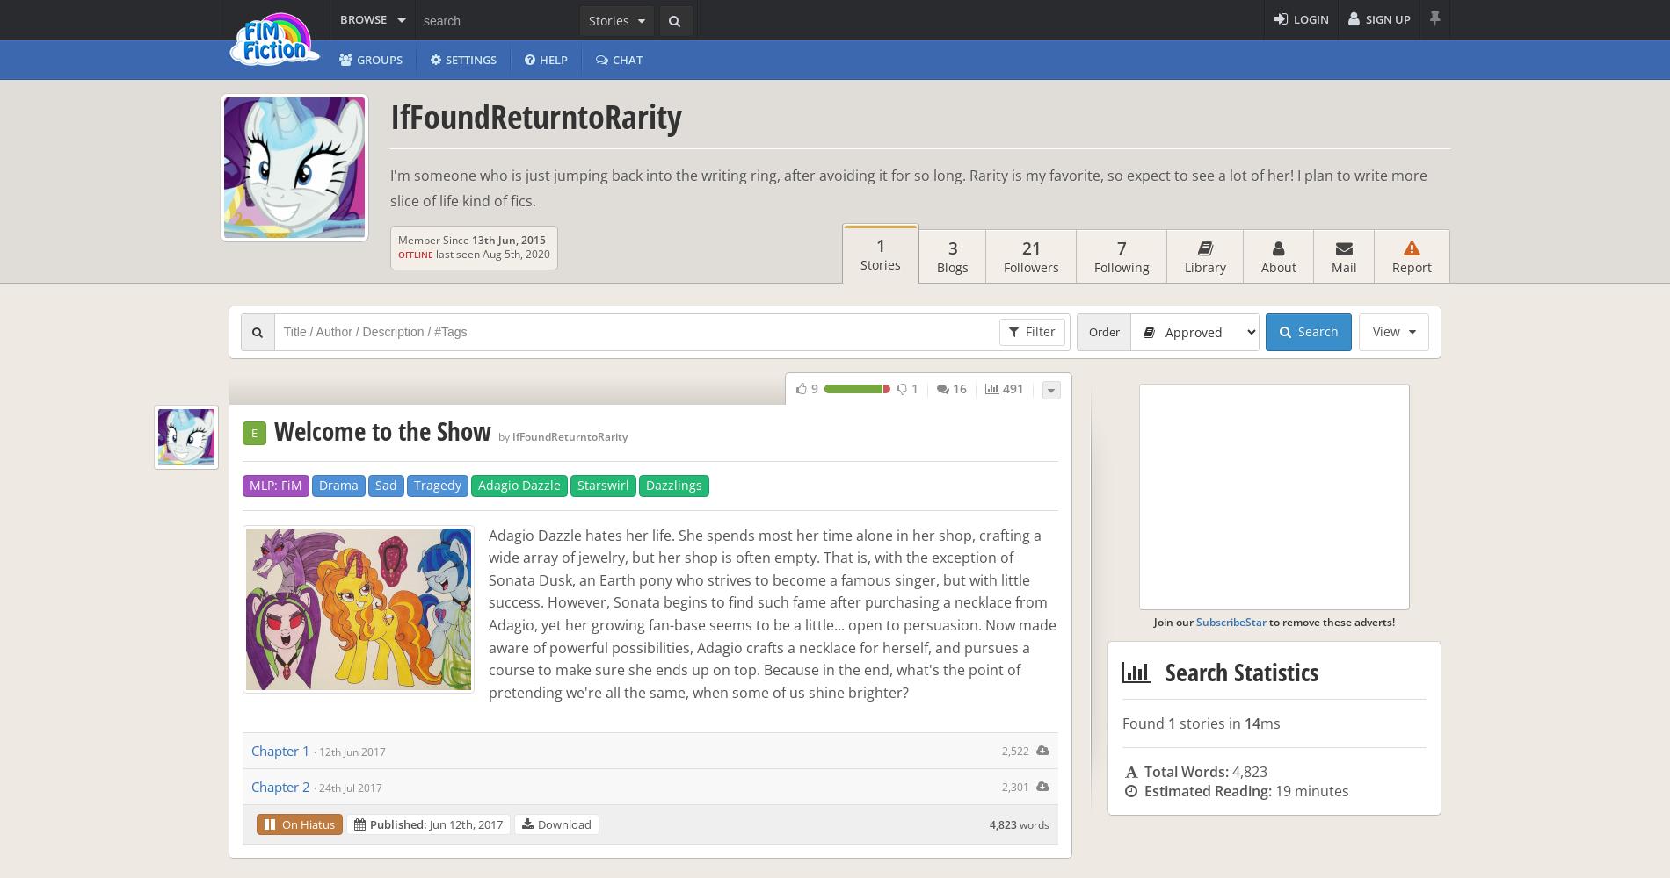 The width and height of the screenshot is (1670, 878). I want to click on '7', so click(1121, 248).